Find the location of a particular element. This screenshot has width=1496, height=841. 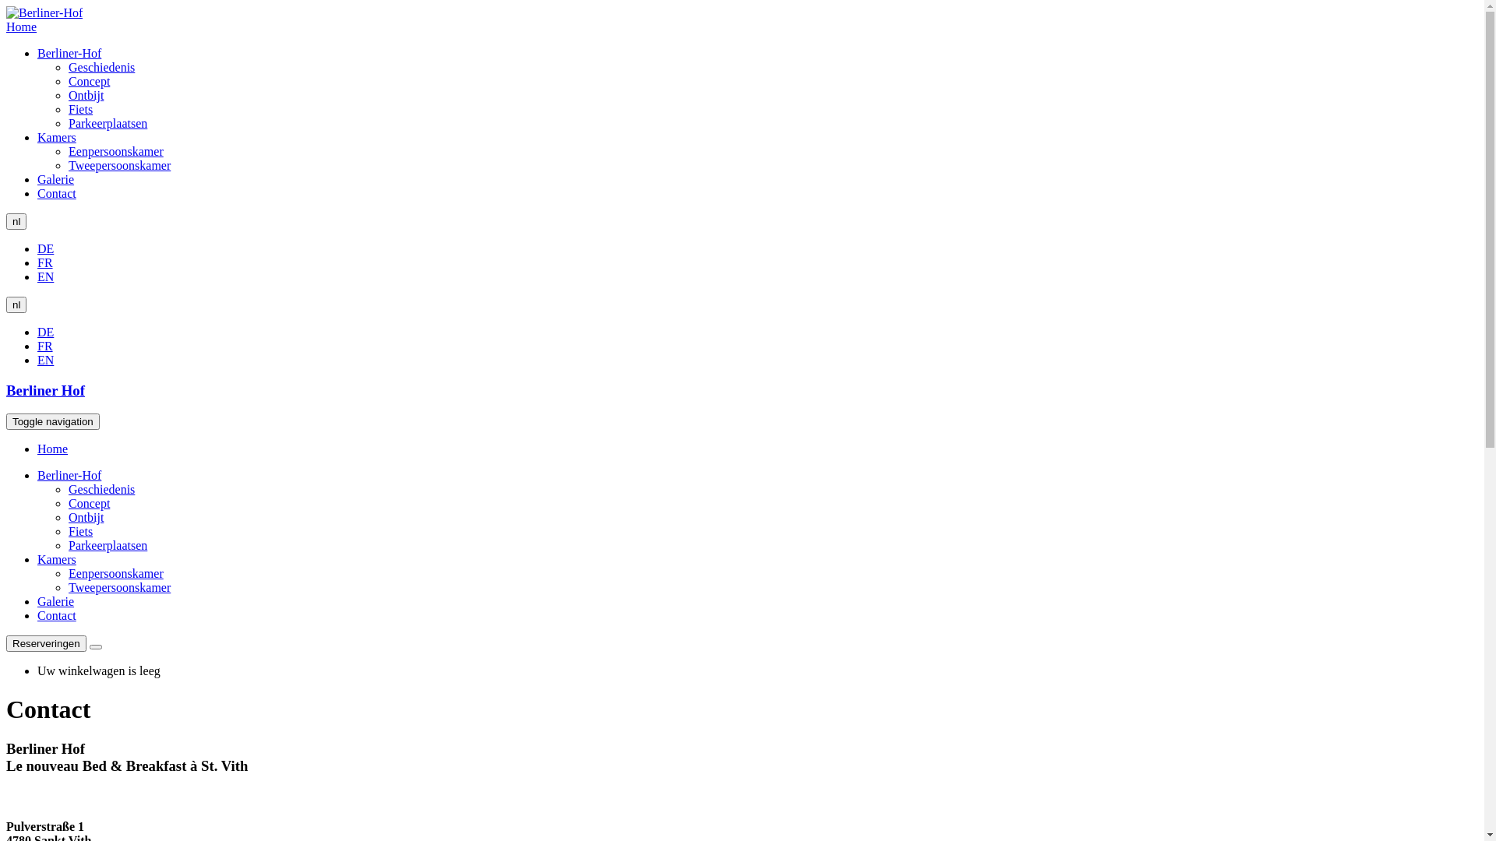

'FR' is located at coordinates (44, 345).